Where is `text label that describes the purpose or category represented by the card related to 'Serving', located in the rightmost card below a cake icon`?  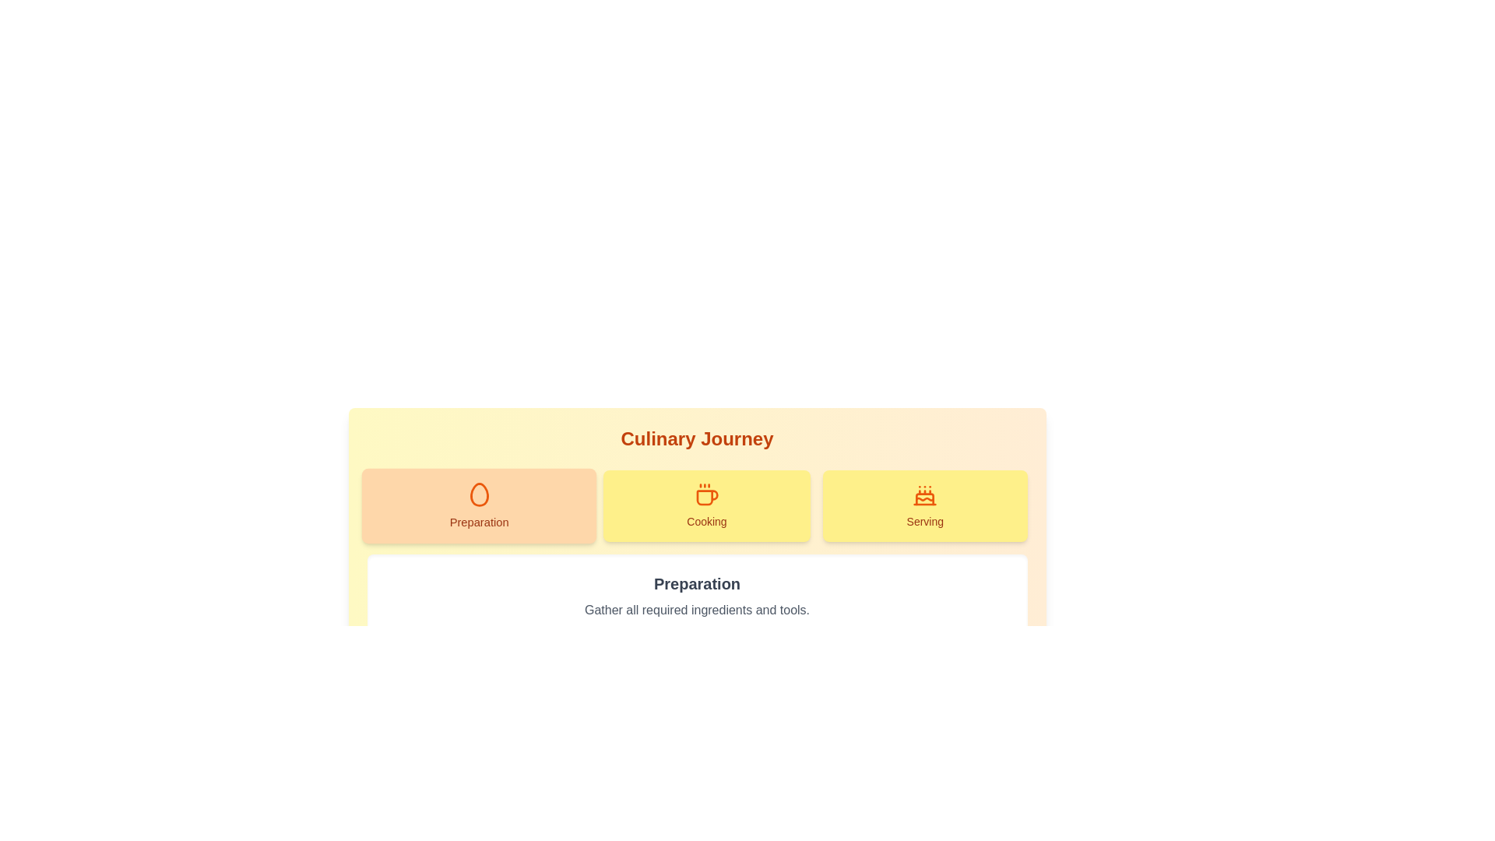
text label that describes the purpose or category represented by the card related to 'Serving', located in the rightmost card below a cake icon is located at coordinates (925, 522).